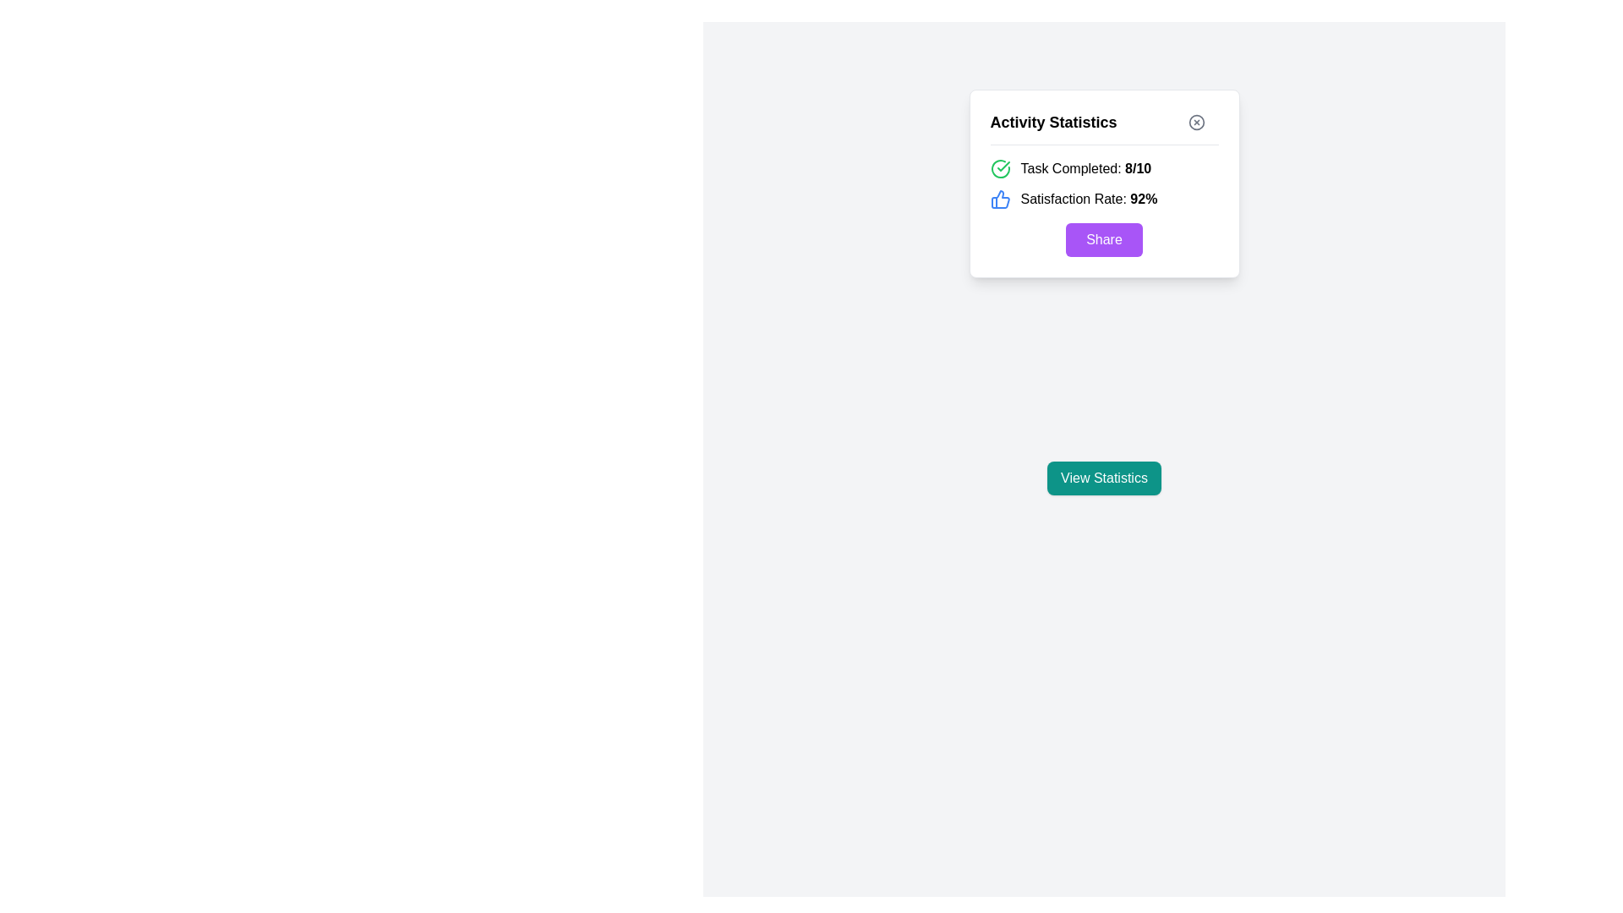  What do you see at coordinates (1003, 166) in the screenshot?
I see `green checkmark icon inside the circular border, which is located in the top-left section of the 'Activity Statistics' card, next to the 'Task Completed' label` at bounding box center [1003, 166].